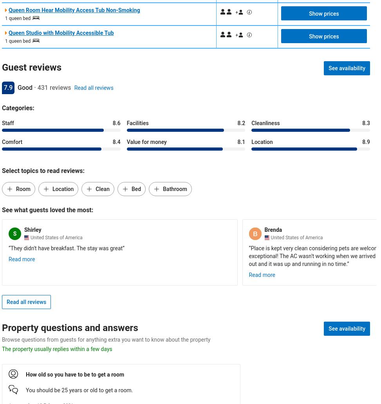 The image size is (381, 404). Describe the element at coordinates (25, 87) in the screenshot. I see `'Good'` at that location.